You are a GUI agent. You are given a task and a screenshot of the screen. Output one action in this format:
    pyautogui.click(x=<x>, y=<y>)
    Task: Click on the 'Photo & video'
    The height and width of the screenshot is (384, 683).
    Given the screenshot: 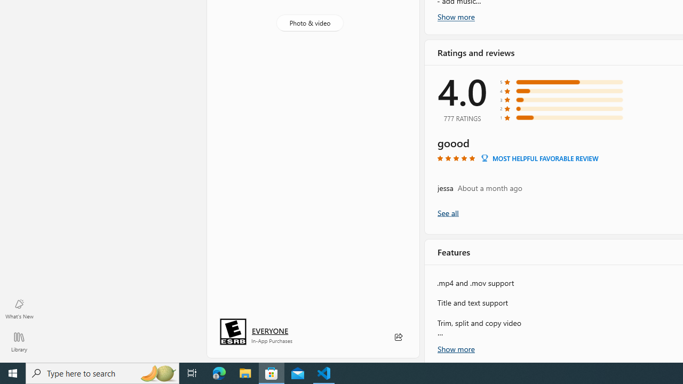 What is the action you would take?
    pyautogui.click(x=308, y=23)
    